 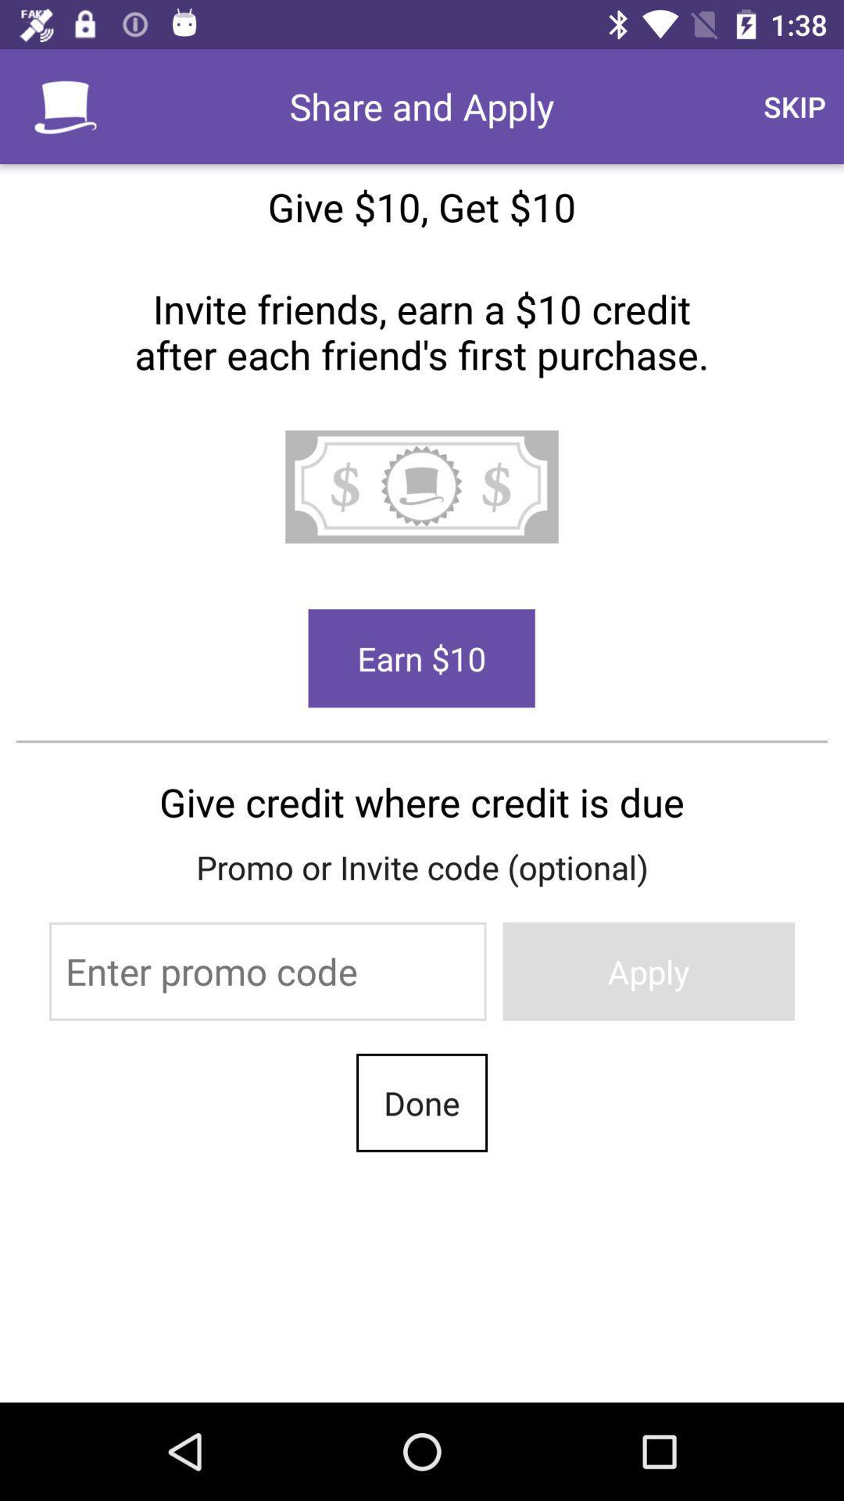 I want to click on the item at the top right corner, so click(x=795, y=106).